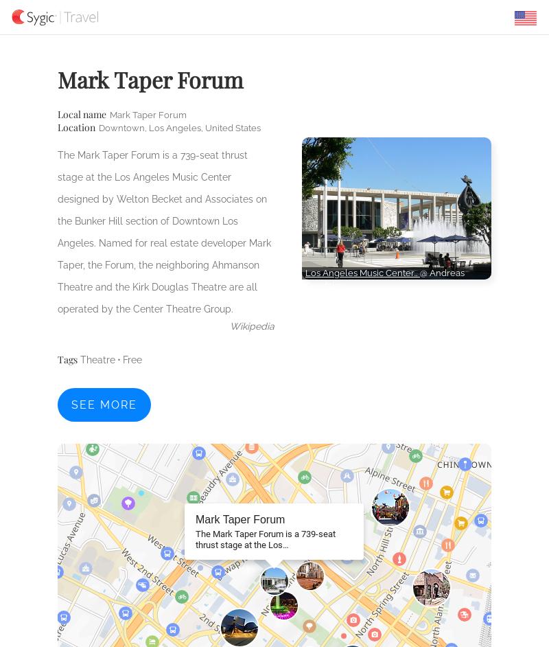  I want to click on 'See more', so click(71, 405).